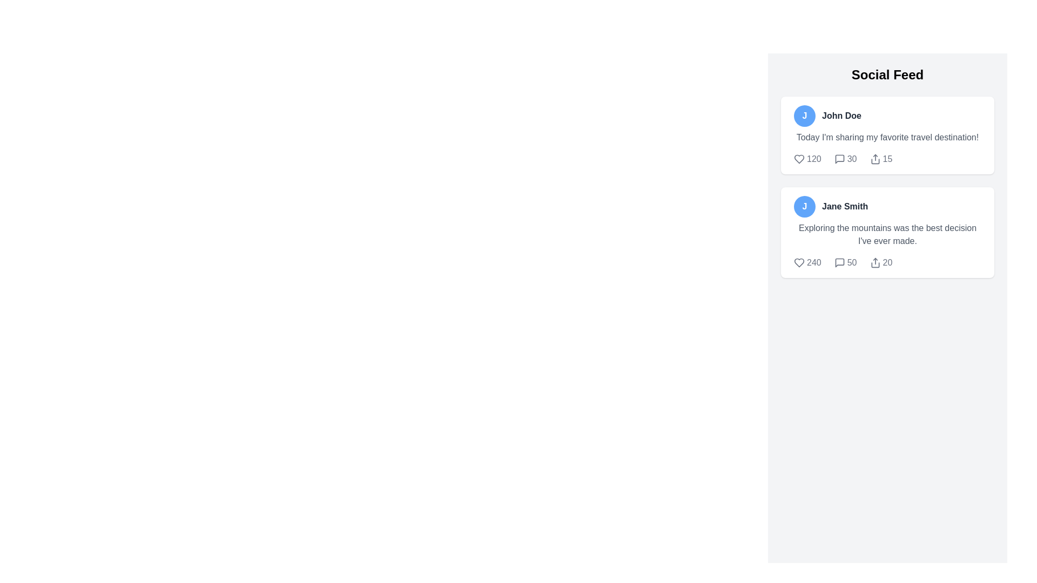 The height and width of the screenshot is (583, 1037). What do you see at coordinates (887, 262) in the screenshot?
I see `the text label displaying the numerical value '20', which is styled in gray and is the last element in a horizontal list of three text-icon pairs at the bottom of a post by 'Jane Smith'` at bounding box center [887, 262].